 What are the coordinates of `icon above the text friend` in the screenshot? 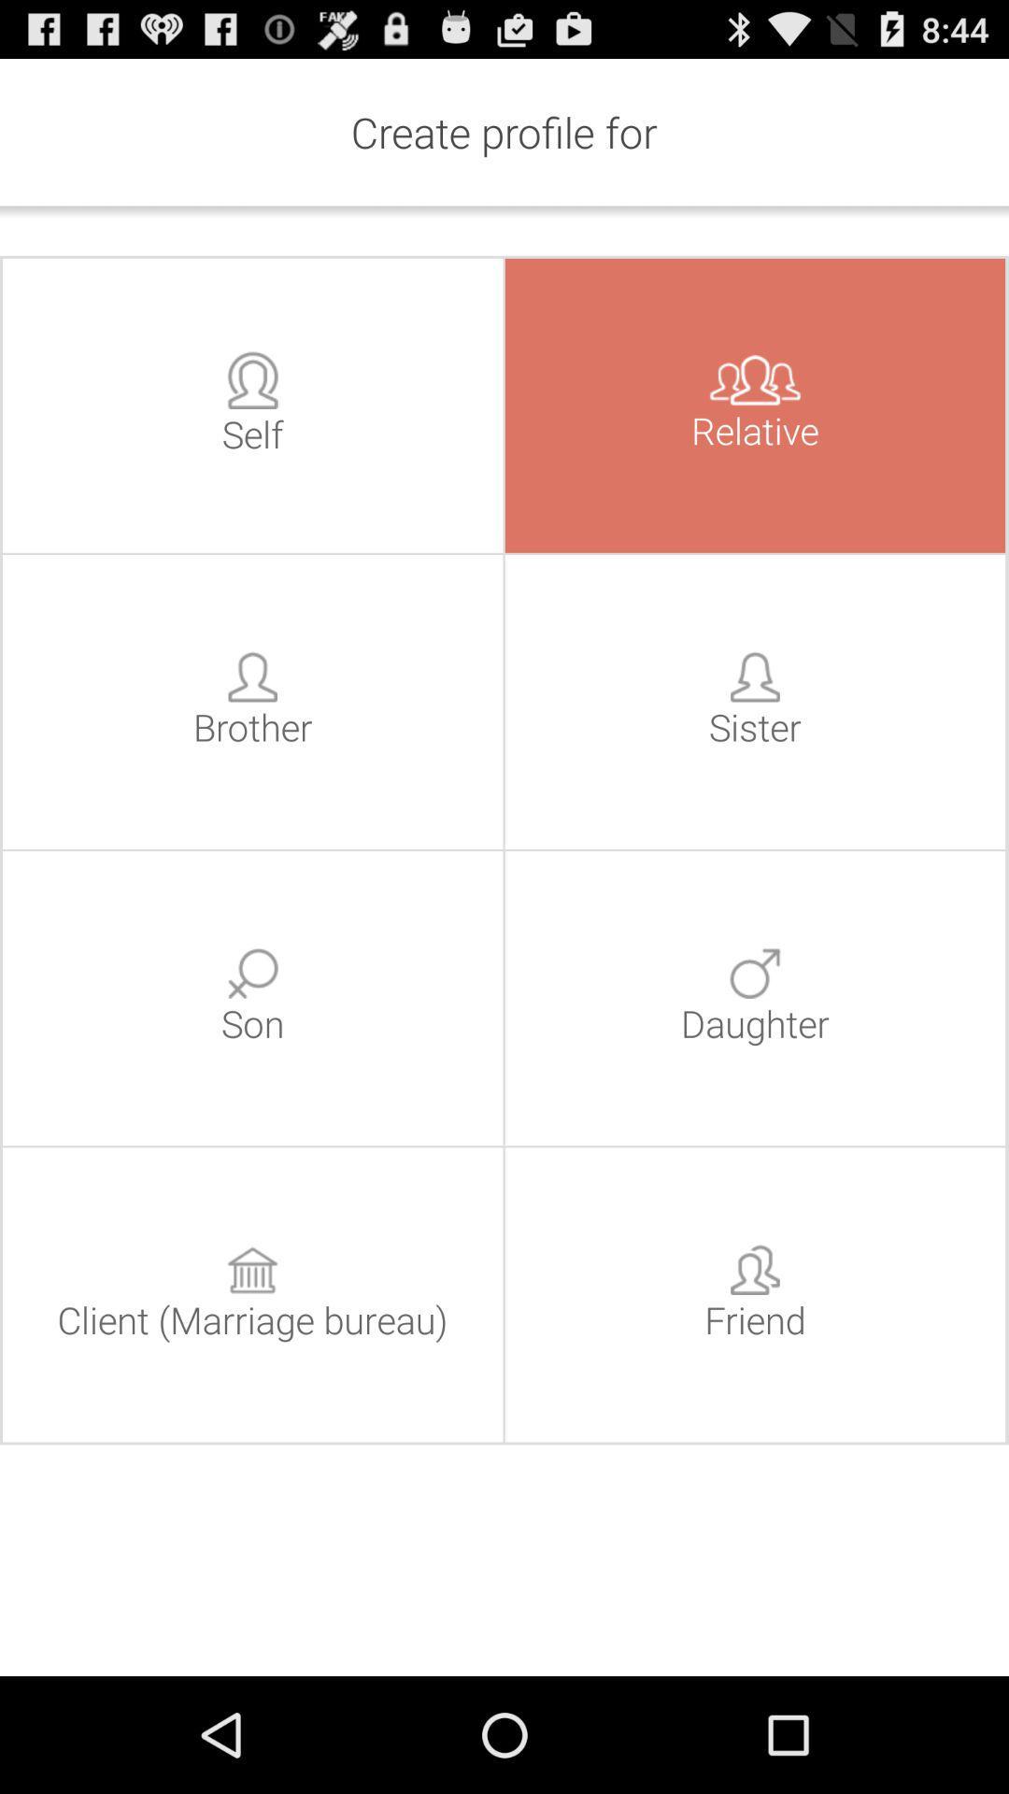 It's located at (755, 1269).